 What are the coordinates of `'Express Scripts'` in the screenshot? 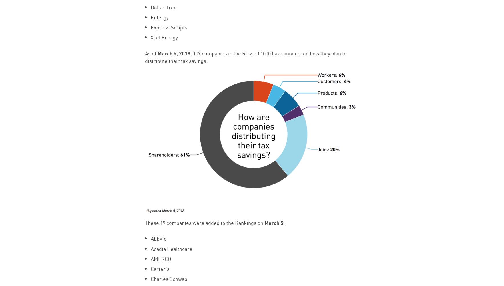 It's located at (168, 27).